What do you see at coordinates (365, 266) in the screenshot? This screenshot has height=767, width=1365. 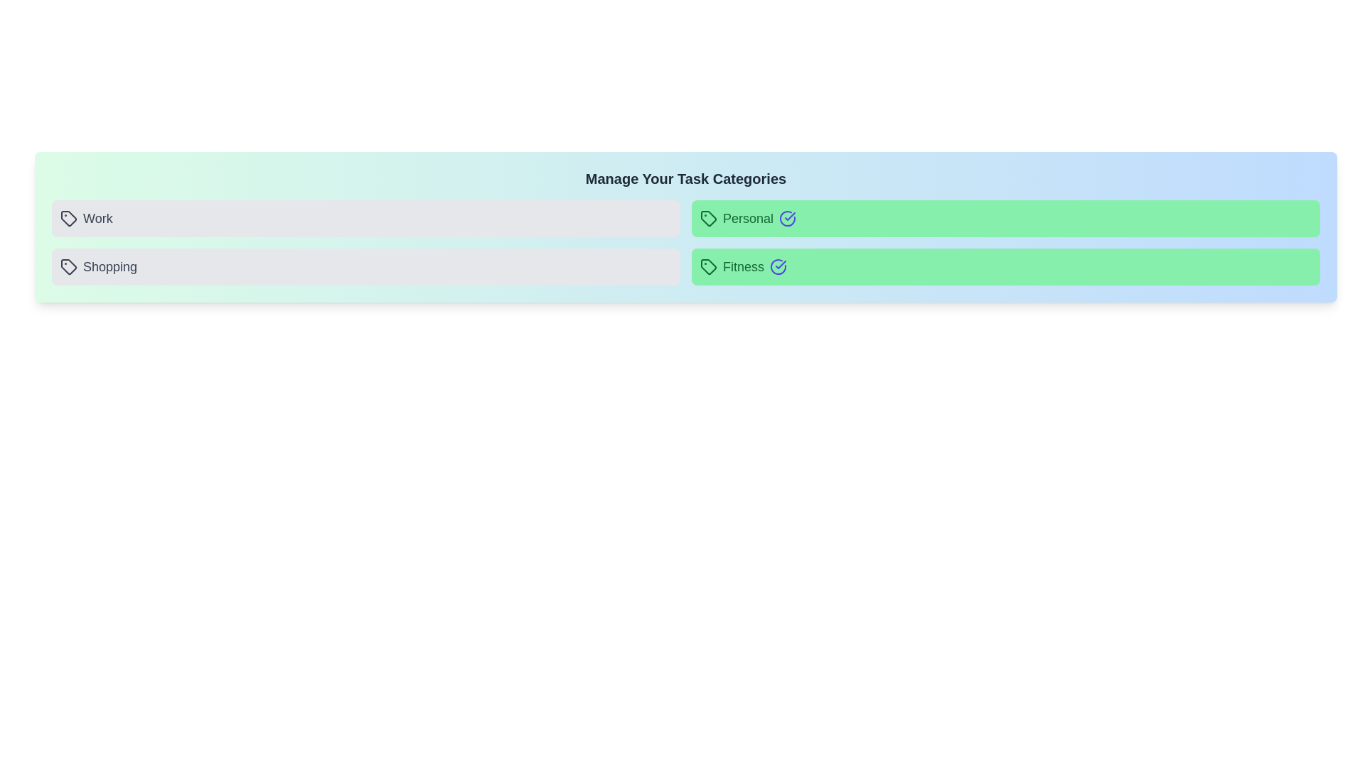 I see `the button representing the category Shopping` at bounding box center [365, 266].